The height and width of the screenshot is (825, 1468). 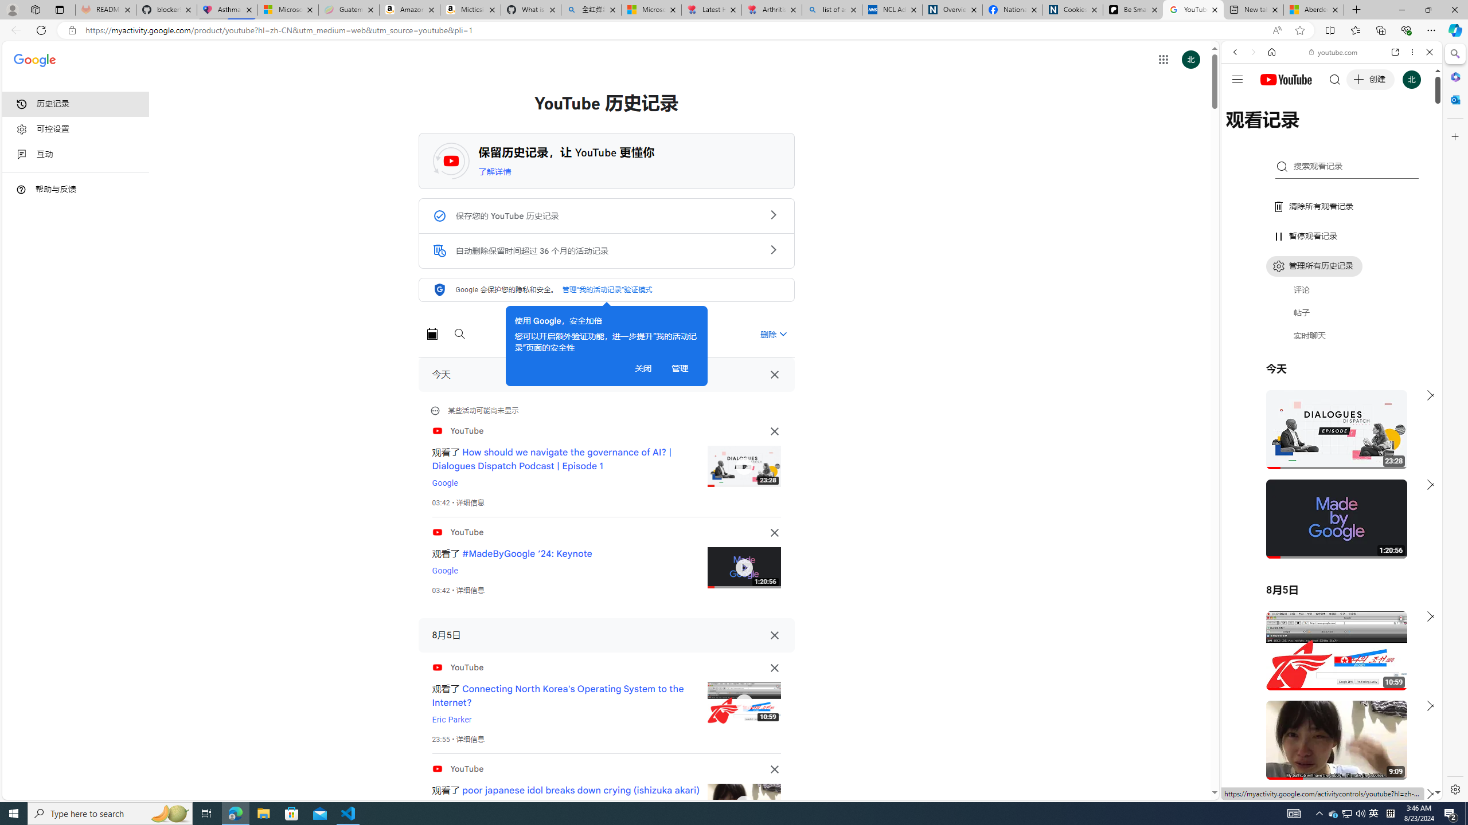 What do you see at coordinates (1330, 339) in the screenshot?
I see `'Trailer #2 [HD]'` at bounding box center [1330, 339].